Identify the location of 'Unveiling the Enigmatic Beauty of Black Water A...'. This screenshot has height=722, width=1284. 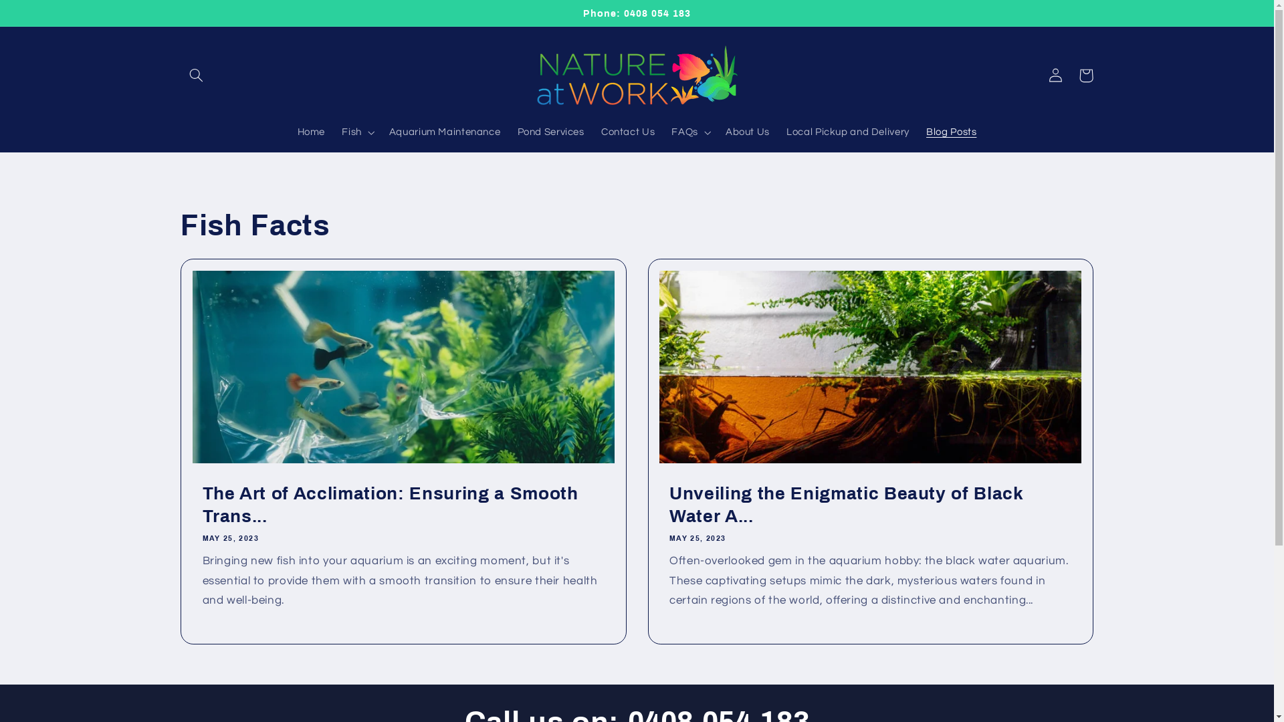
(870, 505).